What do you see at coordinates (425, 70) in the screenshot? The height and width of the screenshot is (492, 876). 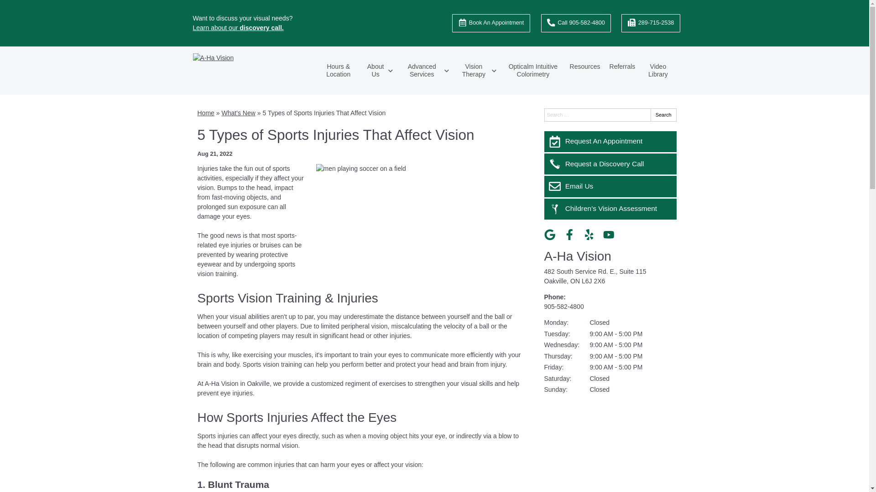 I see `'Advanced Services'` at bounding box center [425, 70].